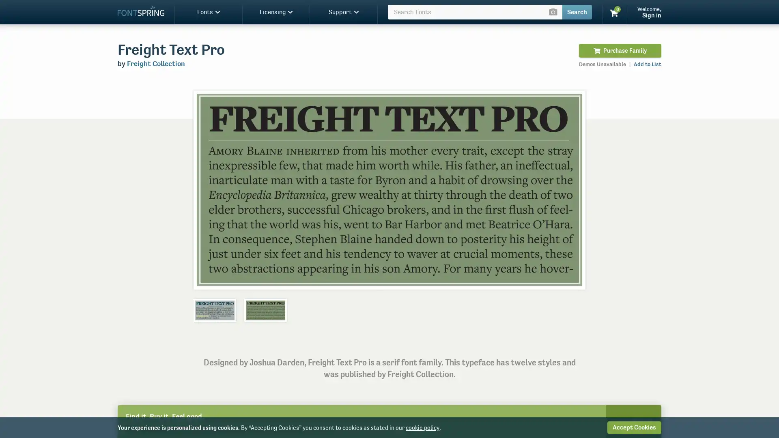 The width and height of the screenshot is (779, 438). What do you see at coordinates (577, 12) in the screenshot?
I see `Search` at bounding box center [577, 12].